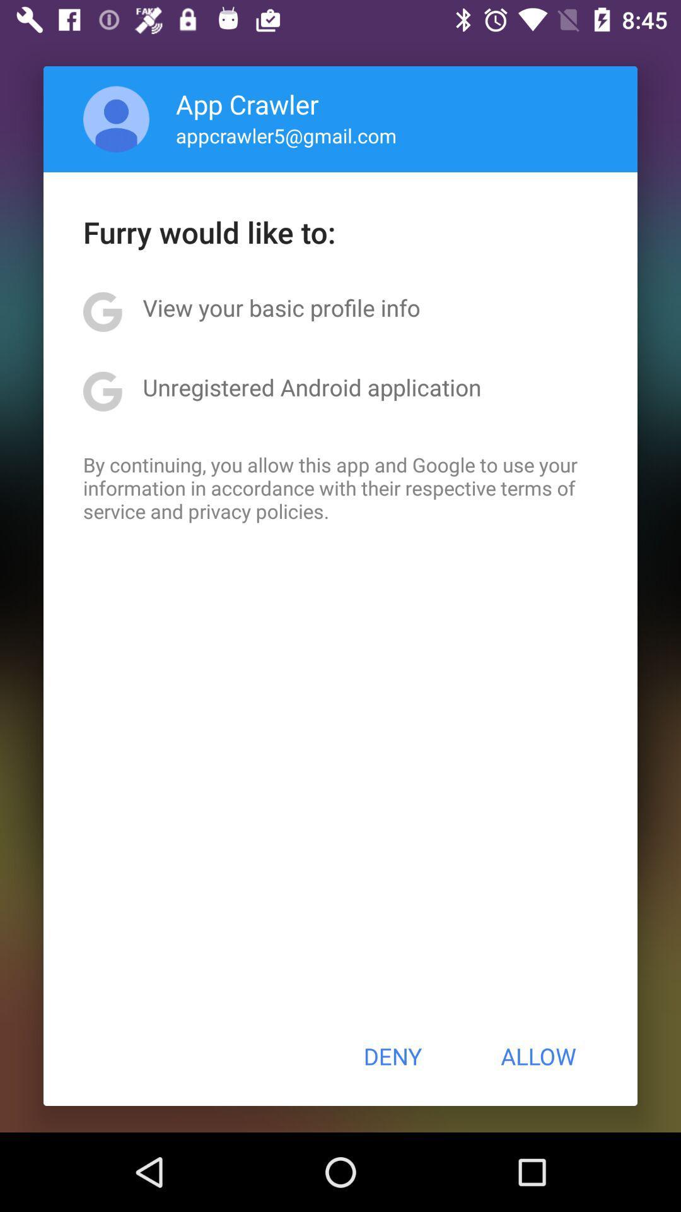  Describe the element at coordinates (392, 1056) in the screenshot. I see `the item below by continuing you icon` at that location.